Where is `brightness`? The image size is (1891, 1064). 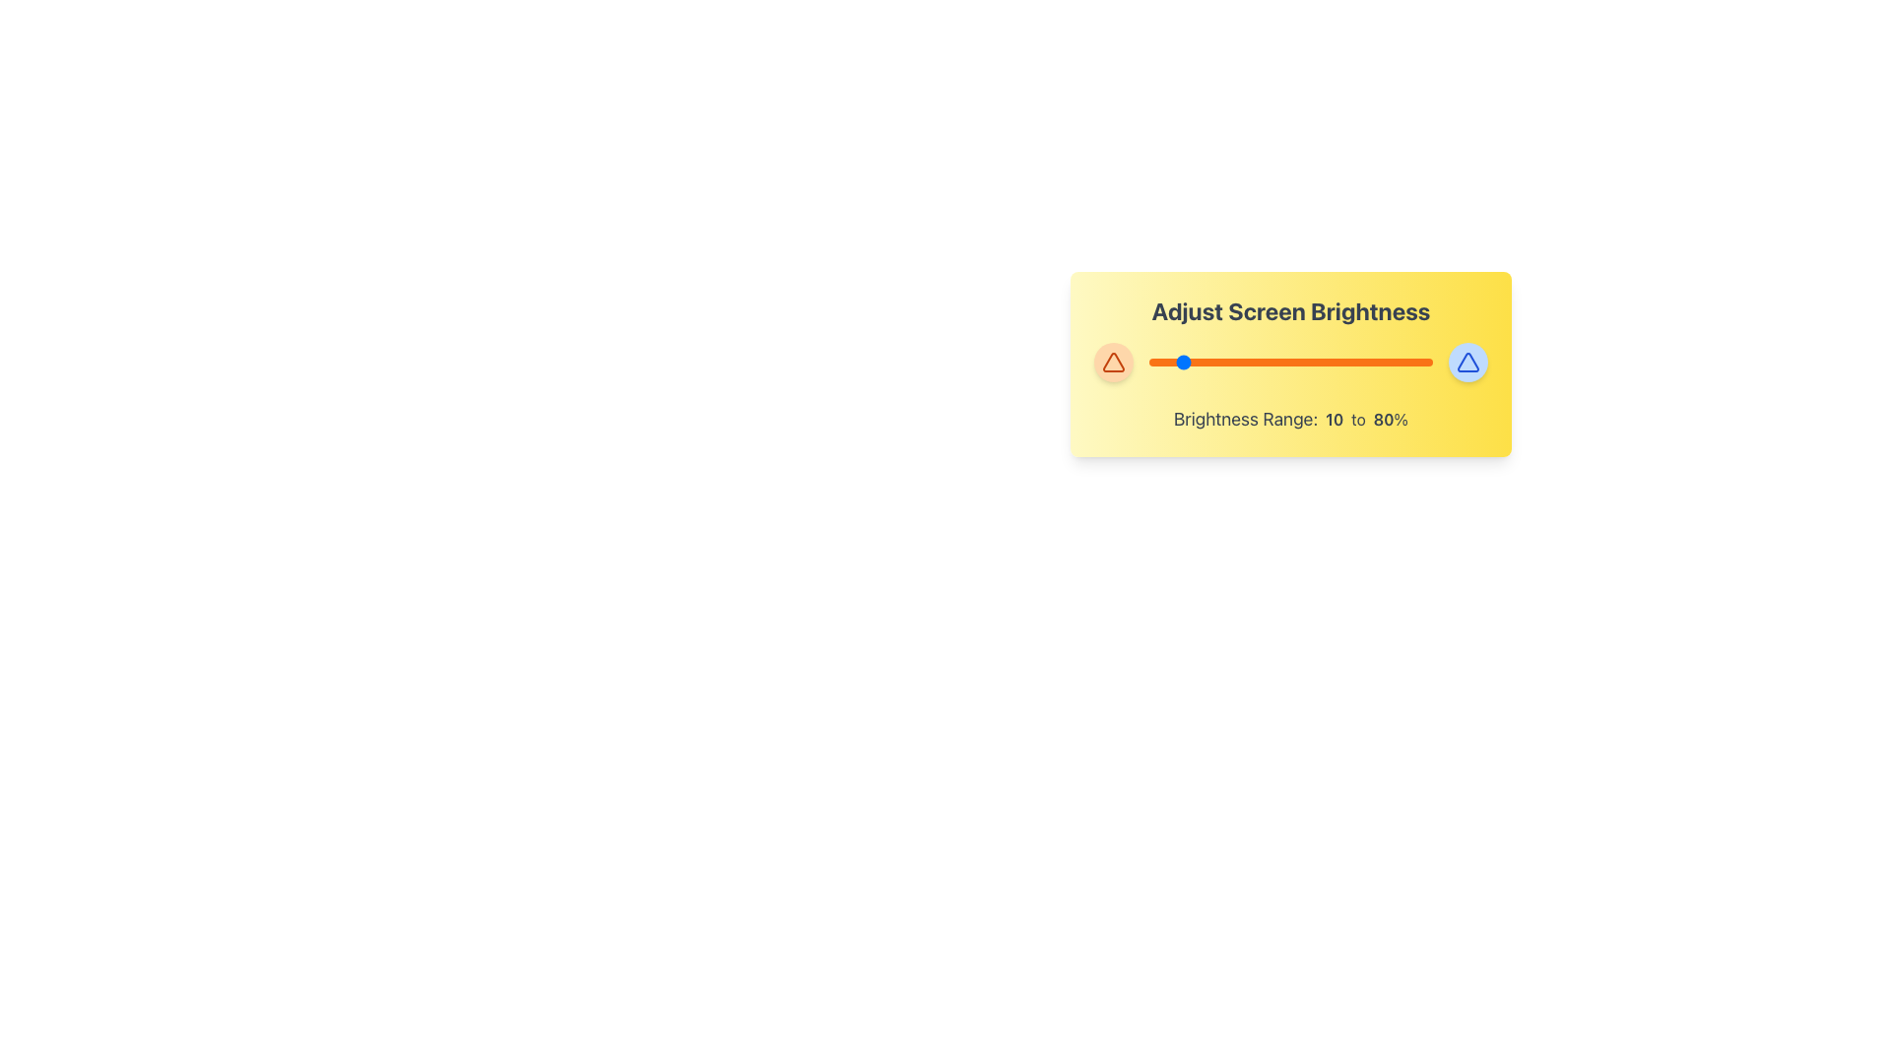 brightness is located at coordinates (1403, 362).